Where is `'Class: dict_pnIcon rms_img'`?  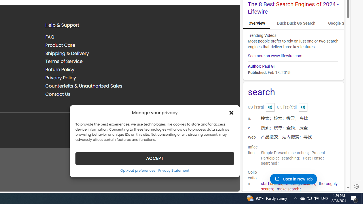 'Class: dict_pnIcon rms_img' is located at coordinates (303, 107).